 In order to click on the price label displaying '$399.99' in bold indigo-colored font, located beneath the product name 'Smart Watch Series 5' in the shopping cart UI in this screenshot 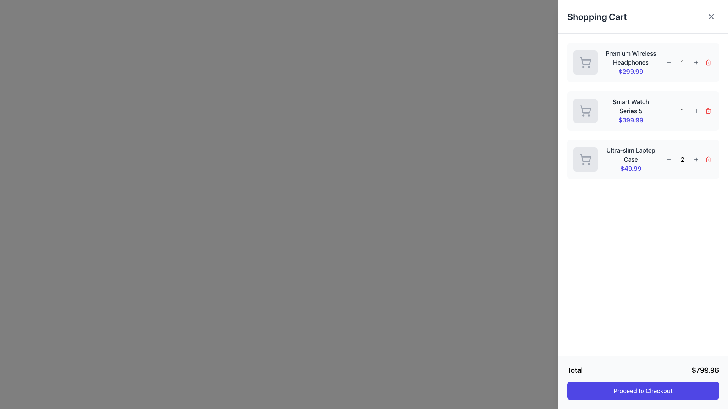, I will do `click(631, 119)`.